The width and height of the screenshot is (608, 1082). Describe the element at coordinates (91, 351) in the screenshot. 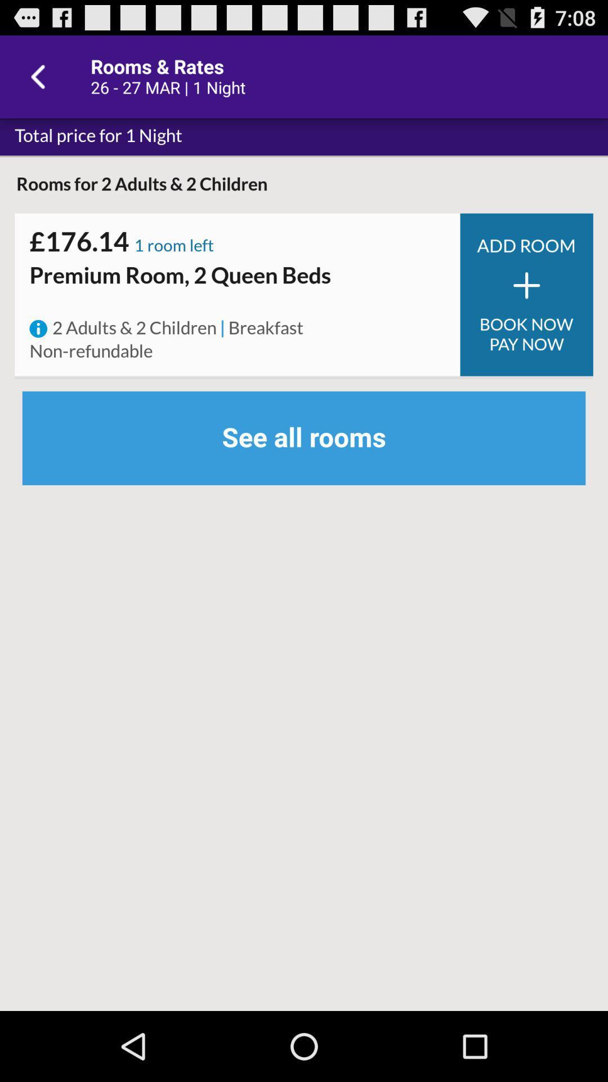

I see `non-refundable icon` at that location.